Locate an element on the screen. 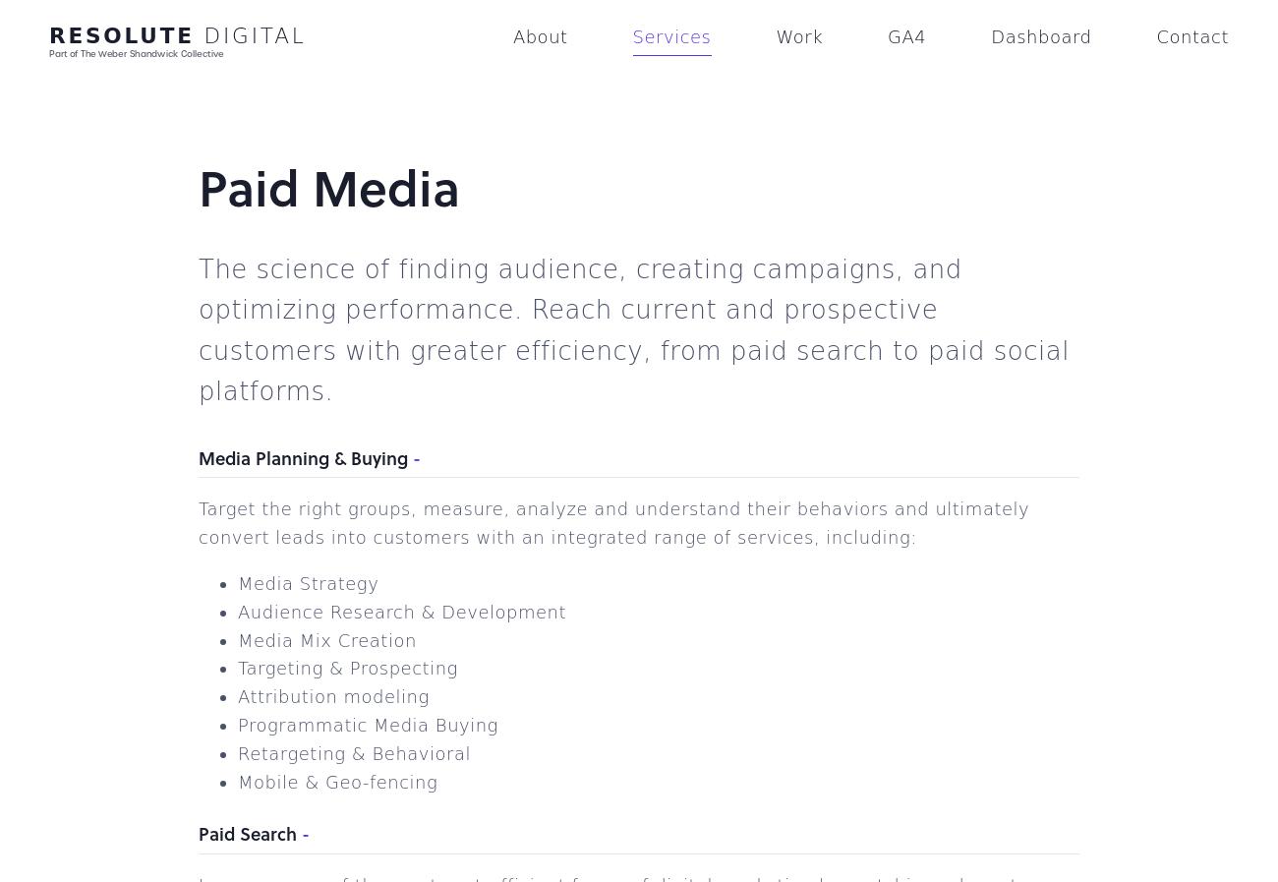 This screenshot has height=882, width=1278. 'Targeting & Prospecting' is located at coordinates (346, 668).